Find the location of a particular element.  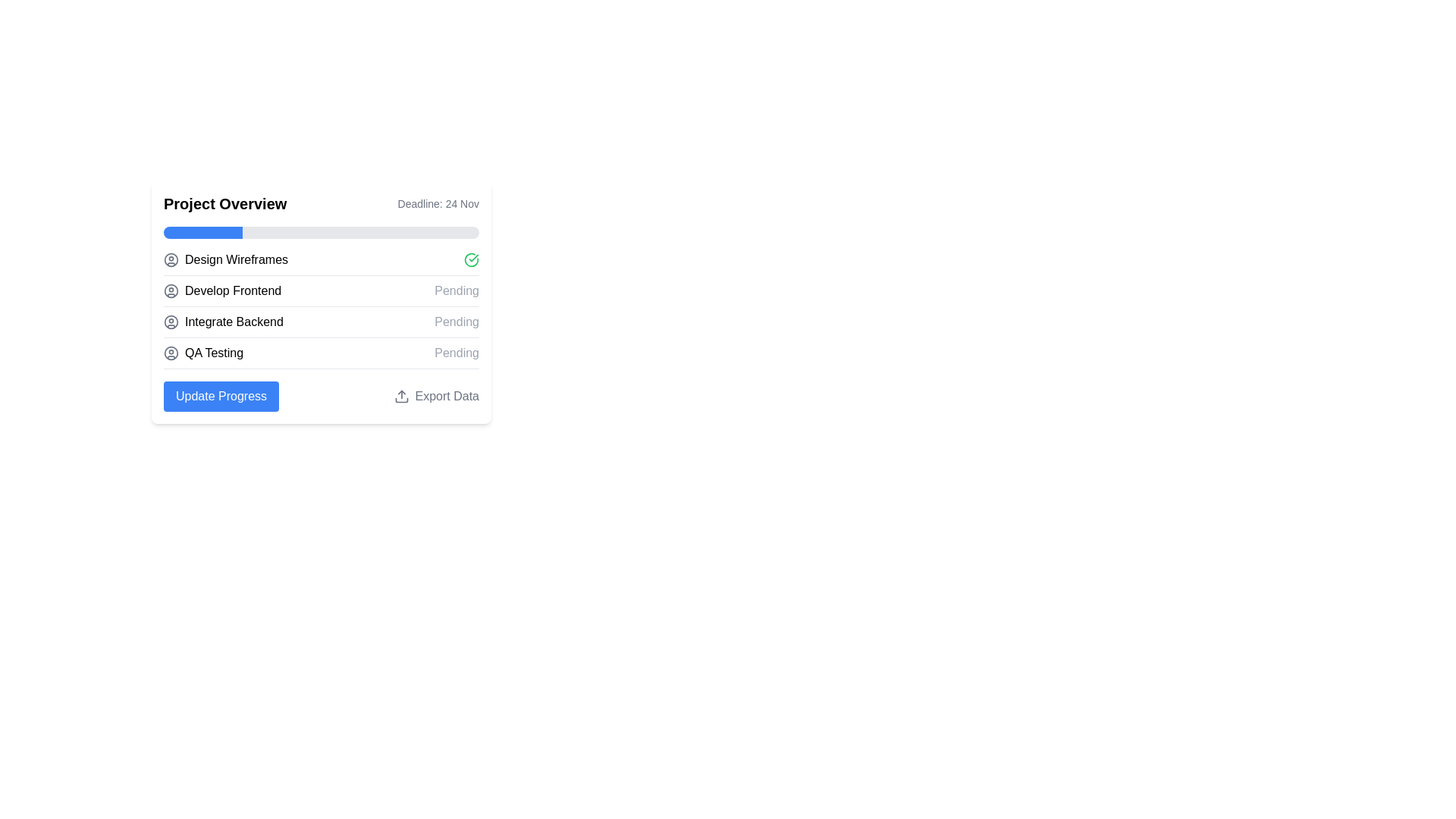

the text label displaying 'Pending' in light gray, positioned on the right side of the 'Develop Frontend' task in the project tasks list is located at coordinates (456, 291).